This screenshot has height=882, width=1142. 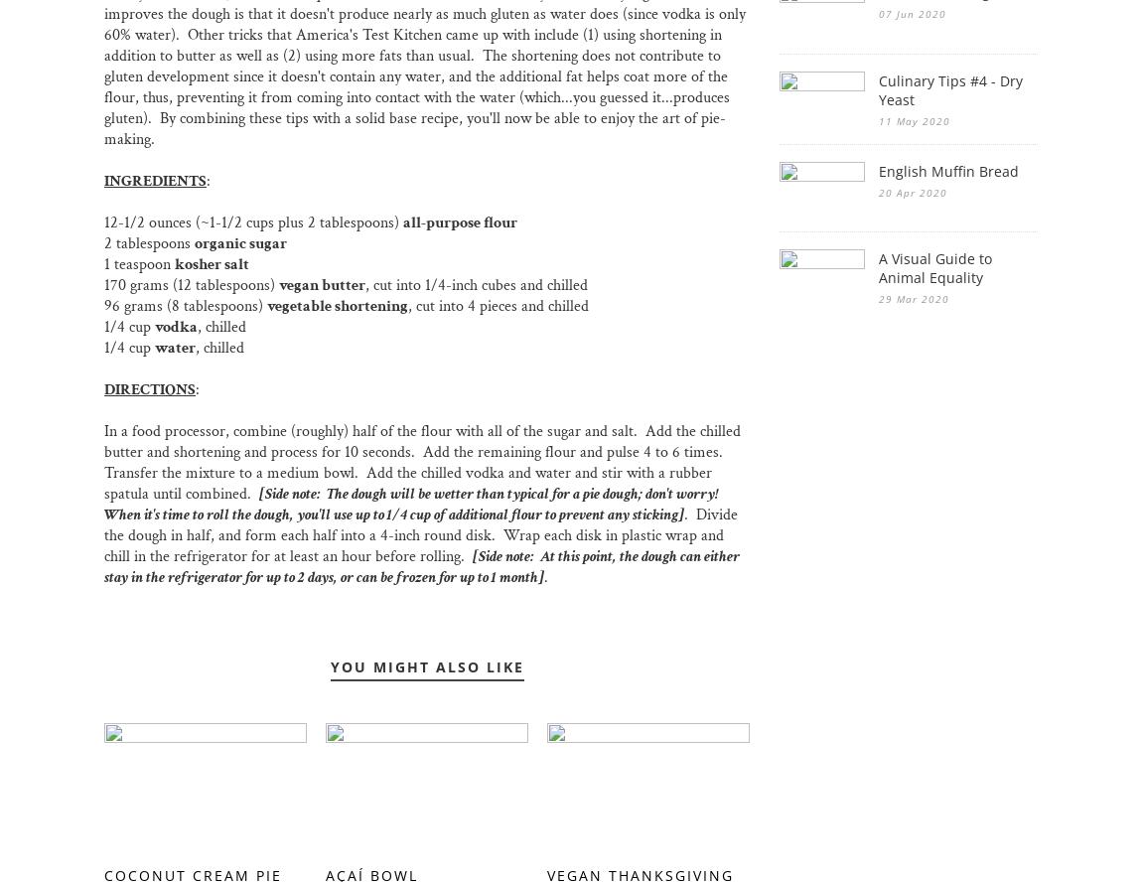 I want to click on 'A Visual Guide to Animal Equality', so click(x=934, y=266).